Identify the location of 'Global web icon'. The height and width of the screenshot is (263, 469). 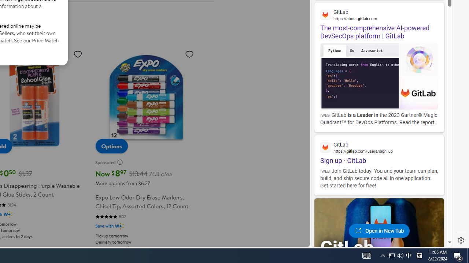
(325, 147).